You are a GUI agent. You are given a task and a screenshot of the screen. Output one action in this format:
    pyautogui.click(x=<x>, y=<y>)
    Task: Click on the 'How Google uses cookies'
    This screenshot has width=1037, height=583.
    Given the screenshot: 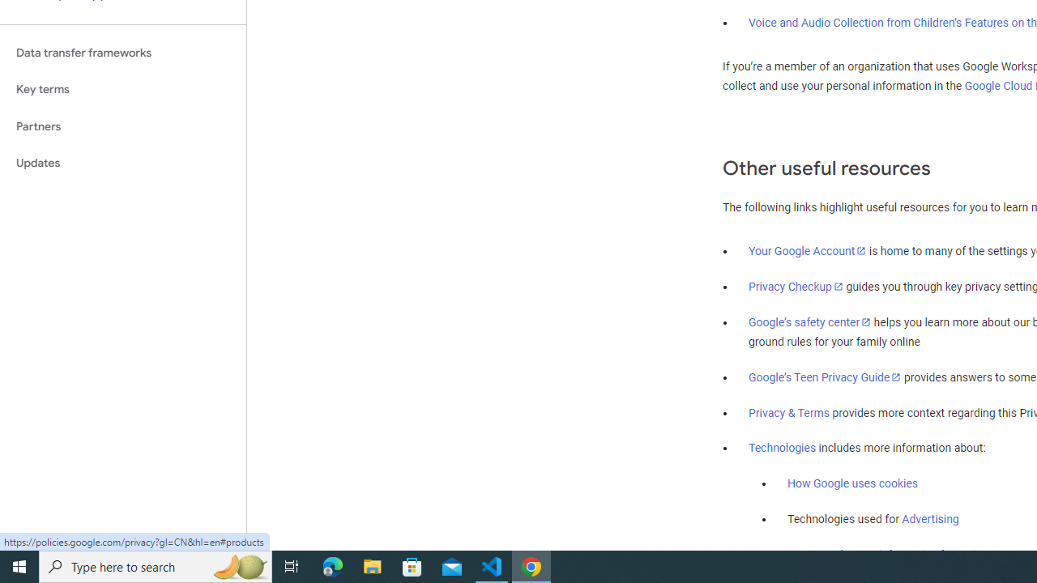 What is the action you would take?
    pyautogui.click(x=851, y=483)
    